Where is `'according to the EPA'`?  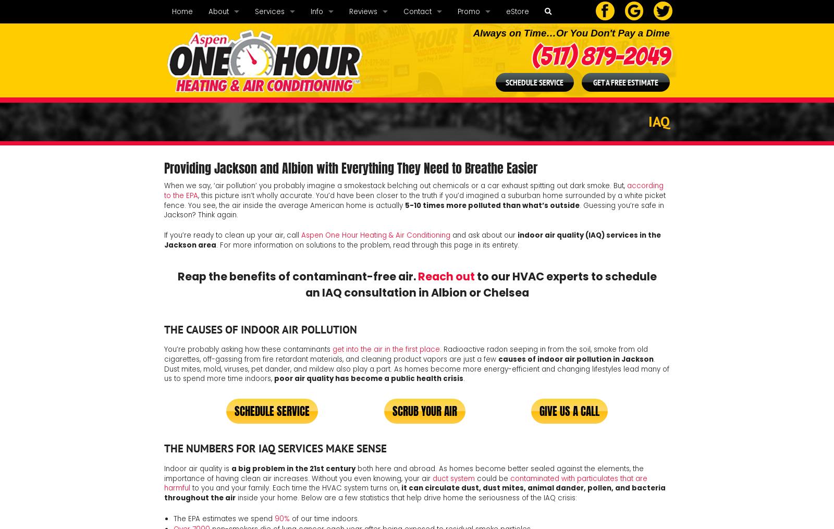 'according to the EPA' is located at coordinates (164, 190).